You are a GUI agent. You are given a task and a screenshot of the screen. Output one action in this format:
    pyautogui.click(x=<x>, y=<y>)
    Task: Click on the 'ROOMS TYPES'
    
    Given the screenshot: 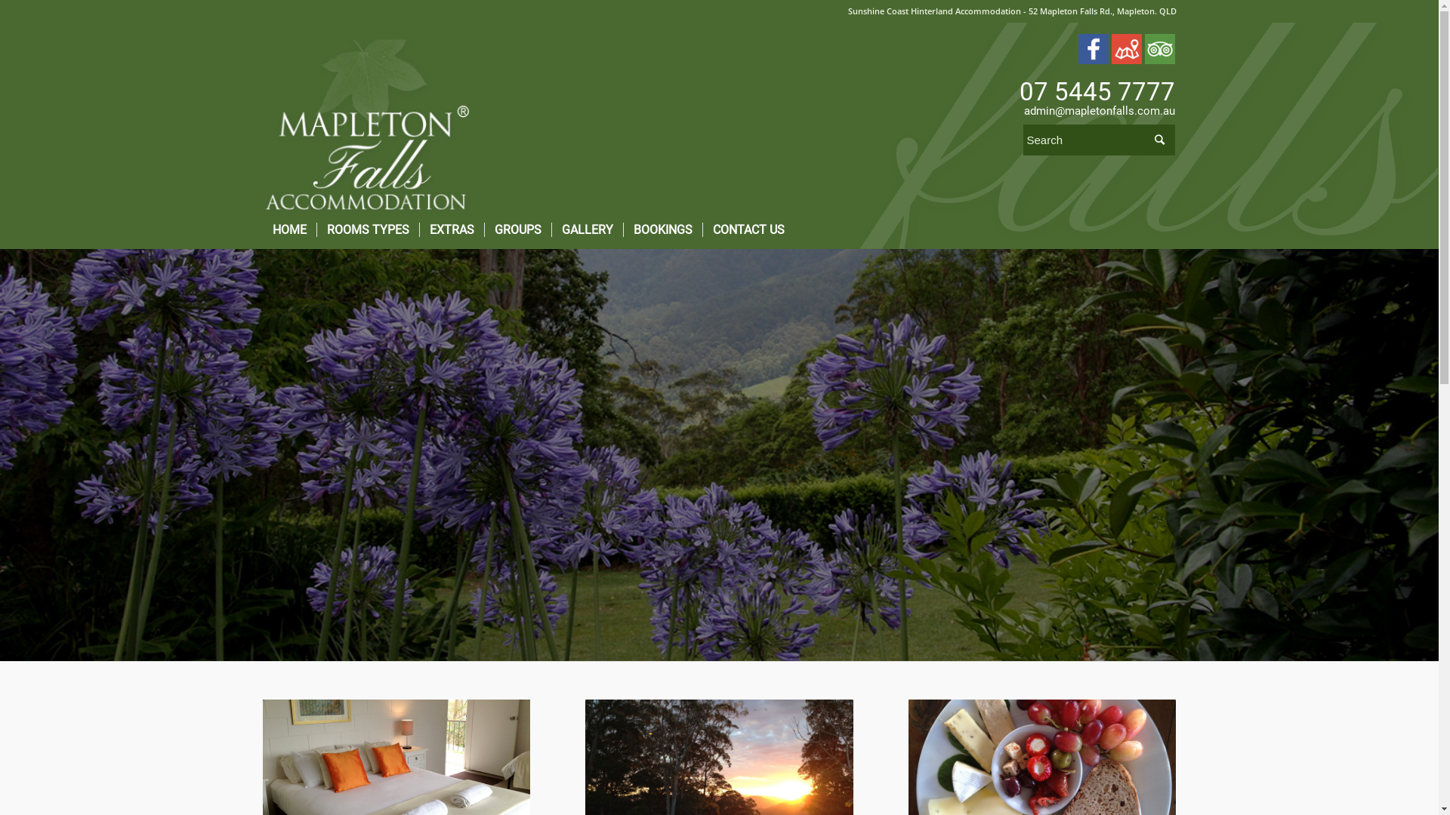 What is the action you would take?
    pyautogui.click(x=314, y=229)
    